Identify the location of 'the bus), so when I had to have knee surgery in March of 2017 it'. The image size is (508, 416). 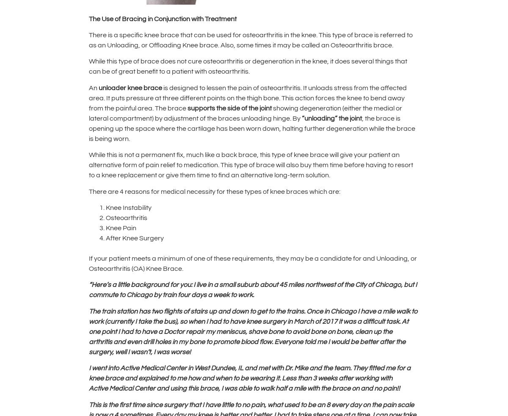
(247, 320).